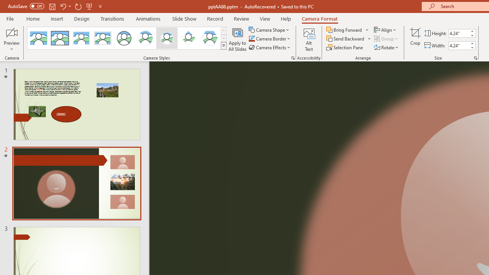 This screenshot has height=275, width=489. Describe the element at coordinates (82, 18) in the screenshot. I see `'Design'` at that location.